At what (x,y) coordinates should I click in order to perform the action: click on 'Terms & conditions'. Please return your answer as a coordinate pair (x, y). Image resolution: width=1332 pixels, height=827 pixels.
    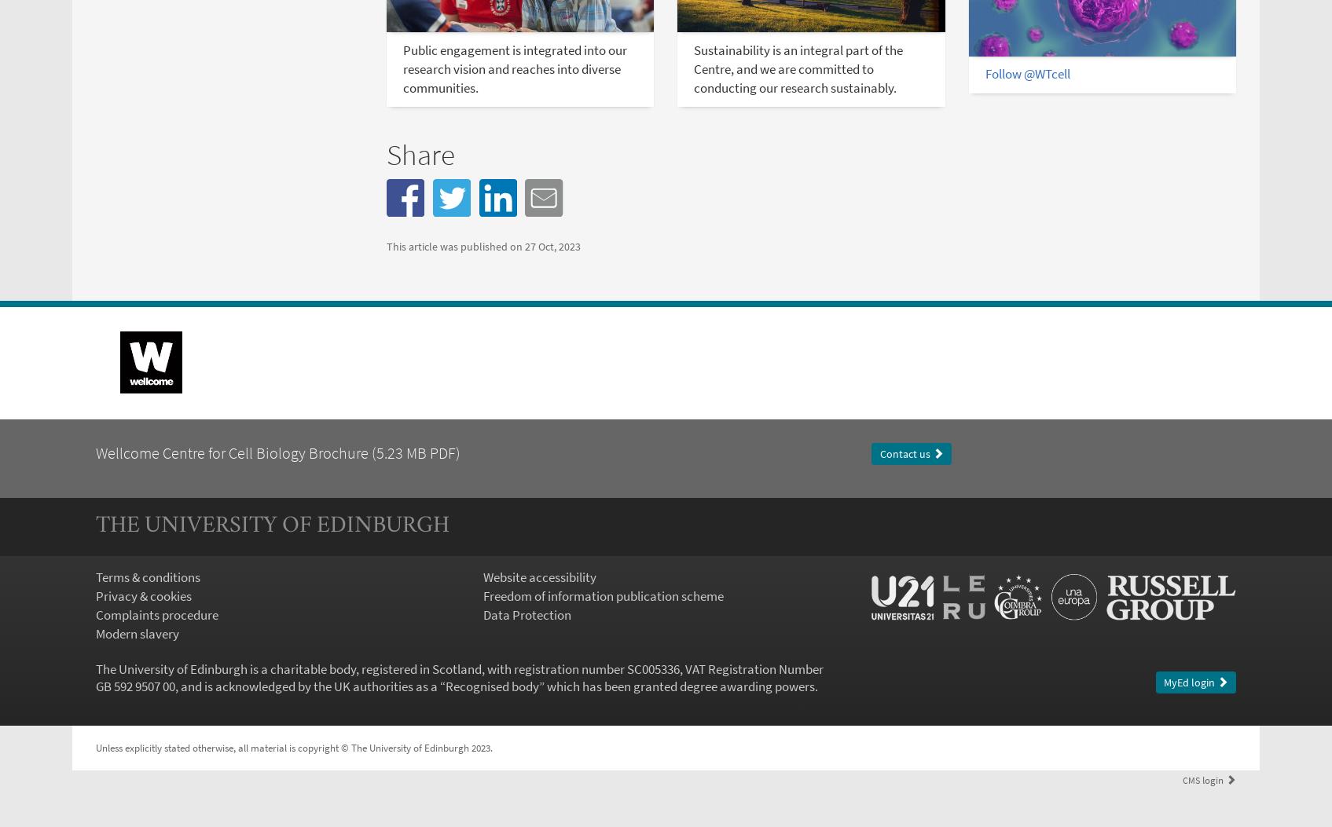
    Looking at the image, I should click on (147, 576).